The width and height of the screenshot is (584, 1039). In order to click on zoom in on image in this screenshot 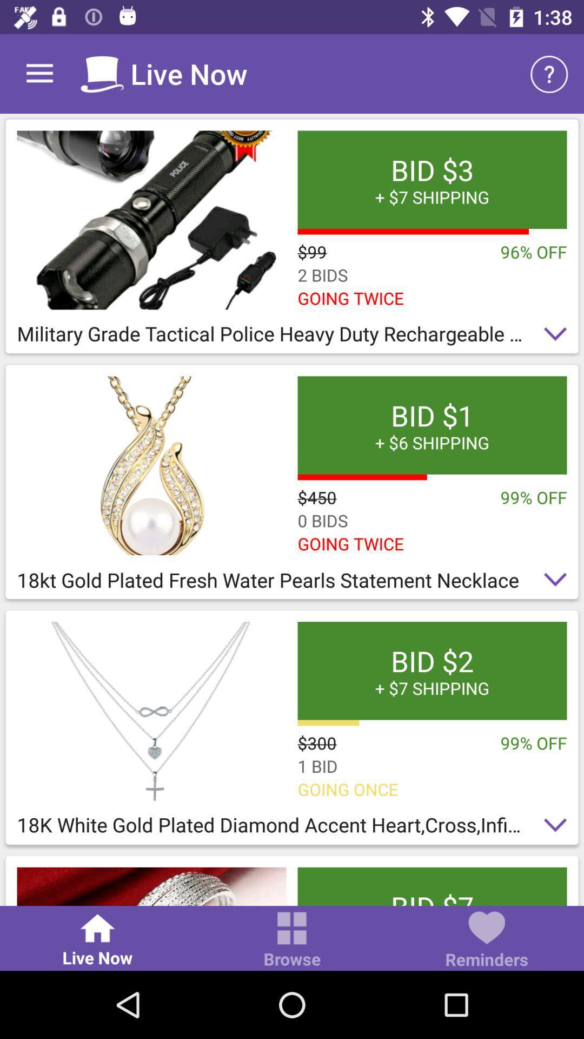, I will do `click(151, 711)`.